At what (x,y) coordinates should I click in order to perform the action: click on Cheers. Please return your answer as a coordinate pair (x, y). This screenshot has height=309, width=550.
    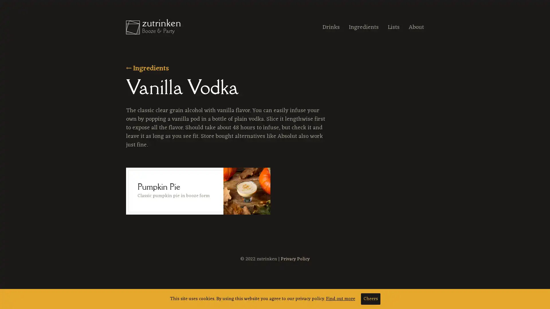
    Looking at the image, I should click on (370, 299).